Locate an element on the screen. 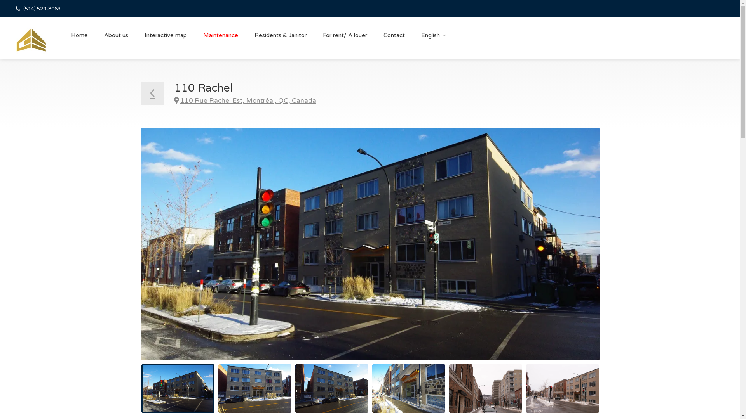  'Home' is located at coordinates (79, 35).